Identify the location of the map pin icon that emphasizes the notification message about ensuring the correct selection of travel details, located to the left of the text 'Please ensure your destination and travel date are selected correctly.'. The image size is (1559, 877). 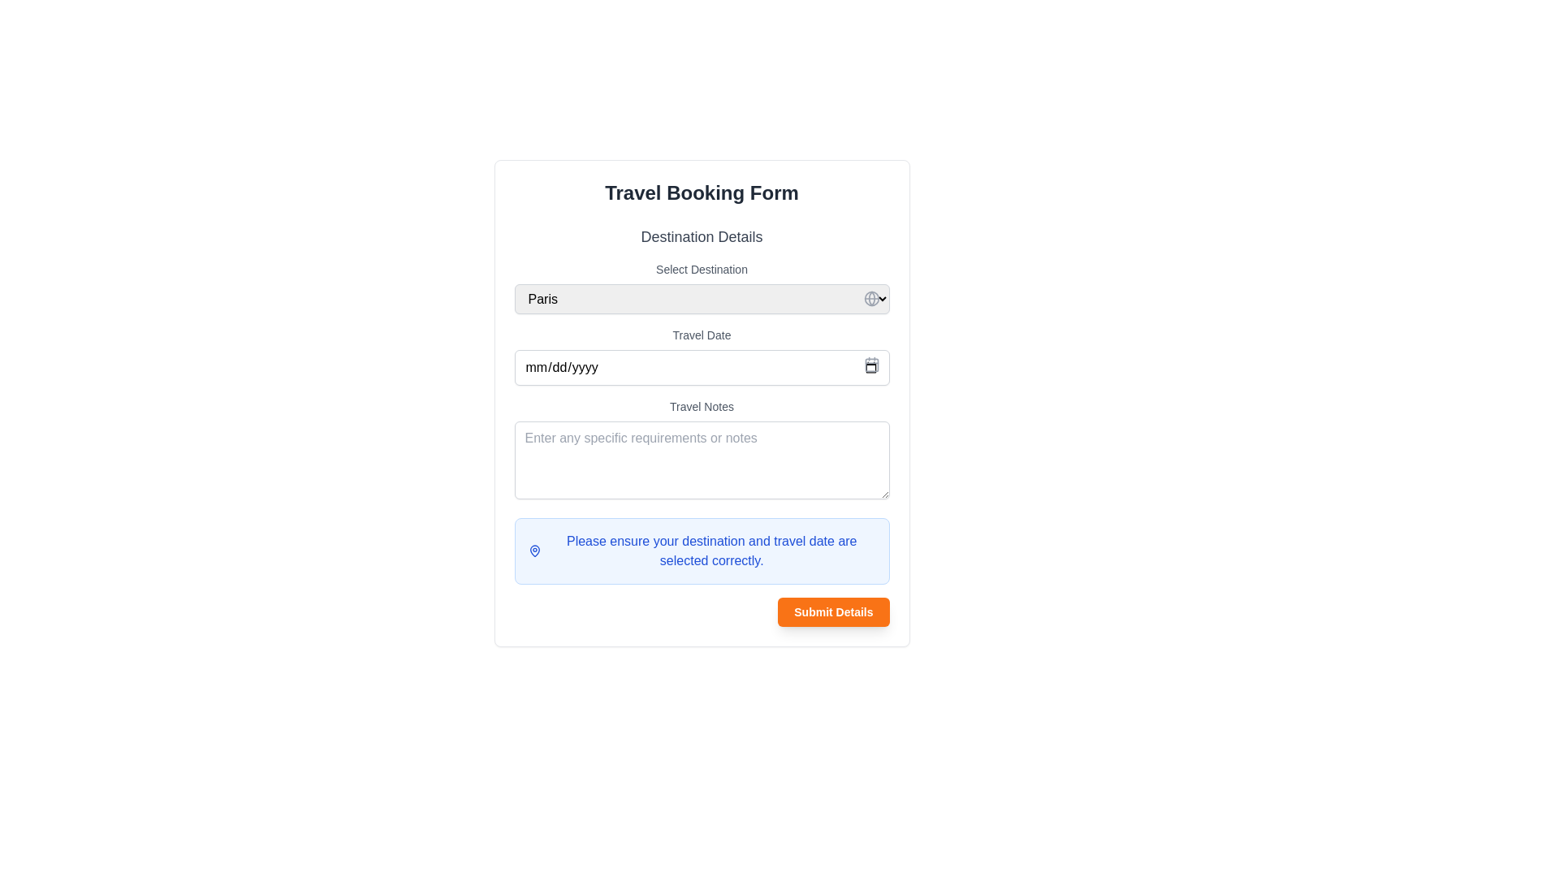
(534, 550).